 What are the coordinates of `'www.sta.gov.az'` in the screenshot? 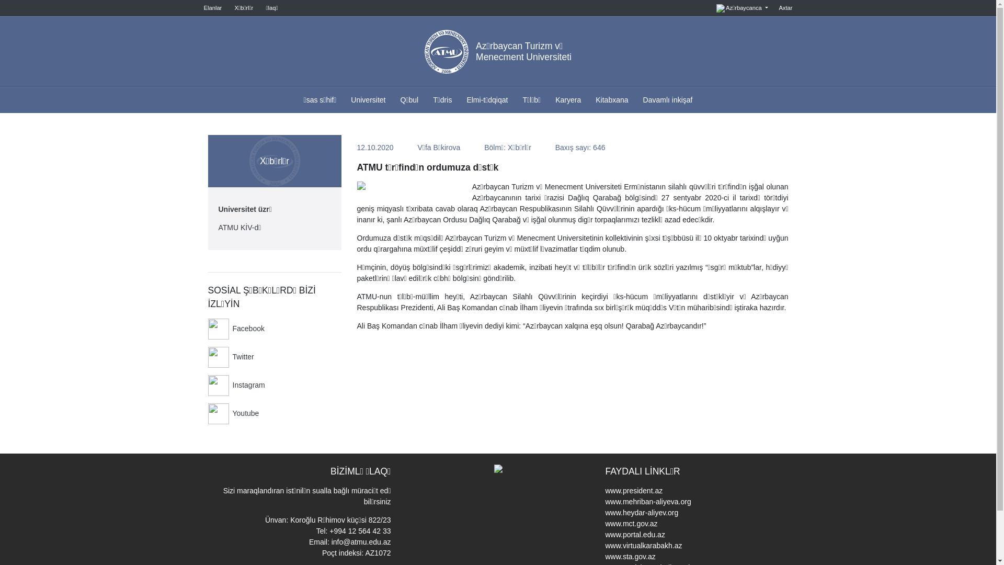 It's located at (630, 556).